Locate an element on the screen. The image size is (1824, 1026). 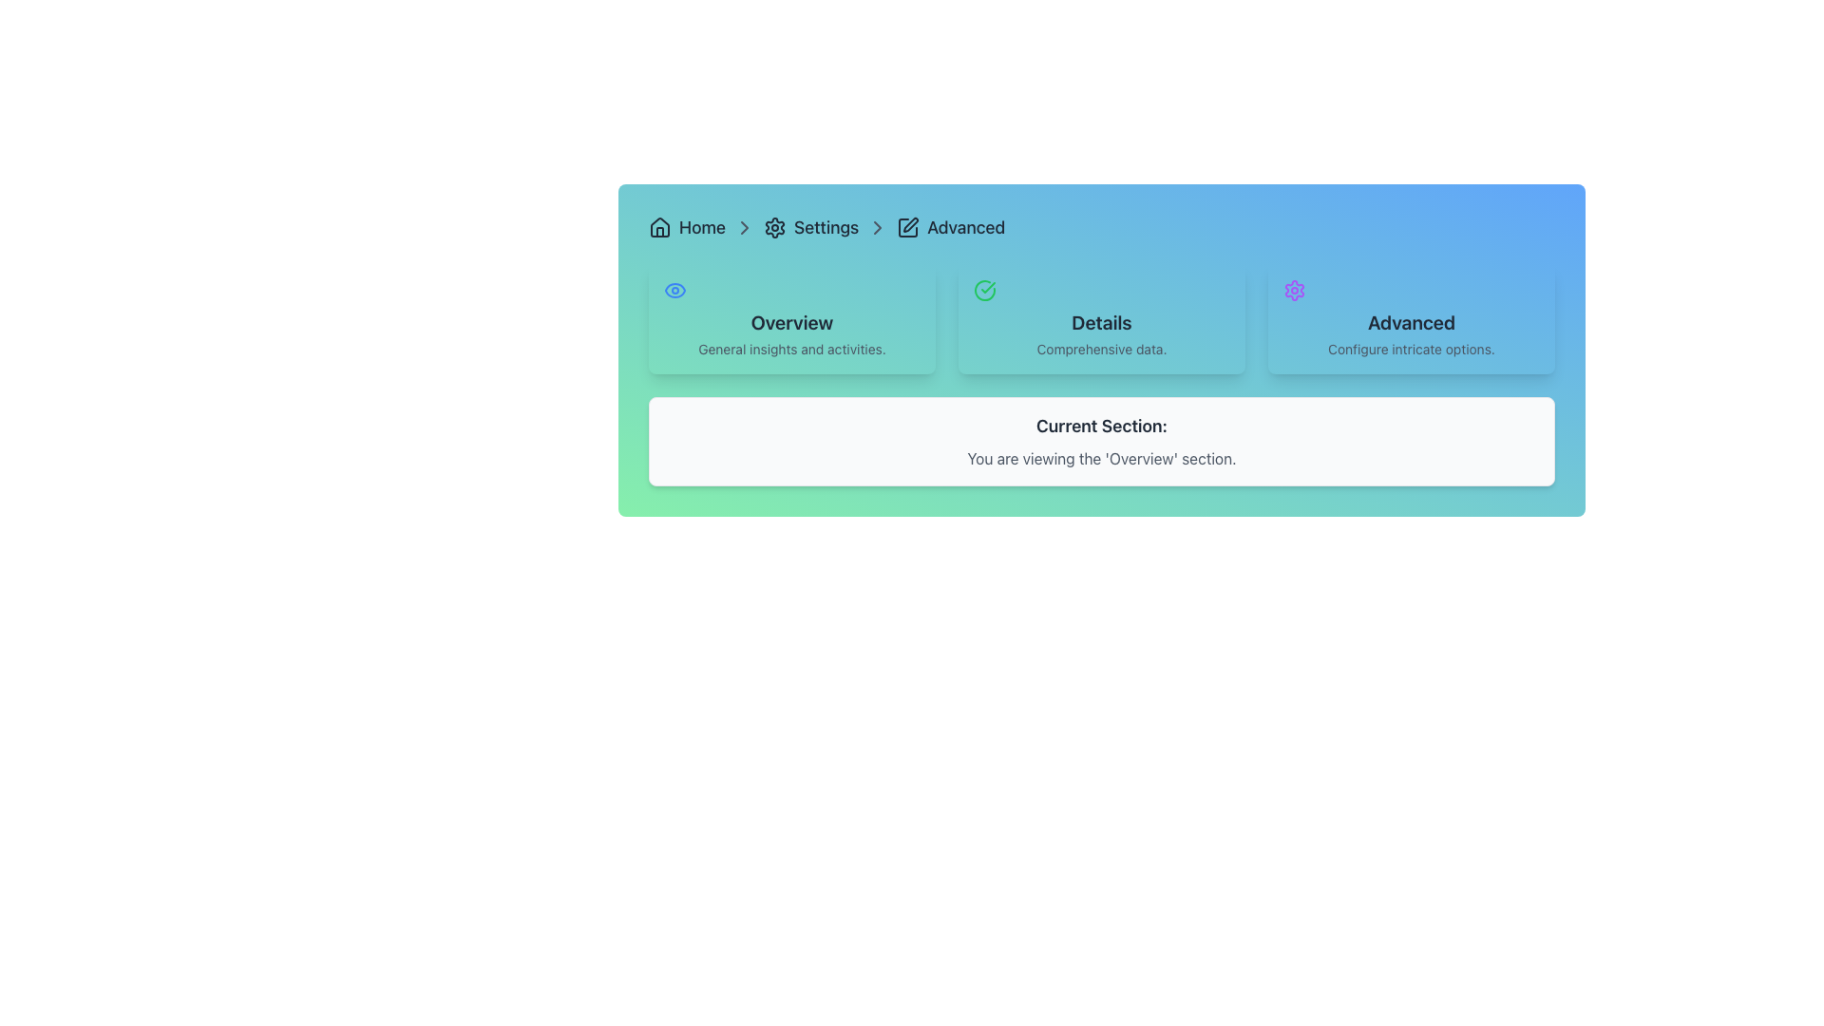
the blue eye-shaped icon located to the left of the 'Overview' header in the Overview section is located at coordinates (674, 290).